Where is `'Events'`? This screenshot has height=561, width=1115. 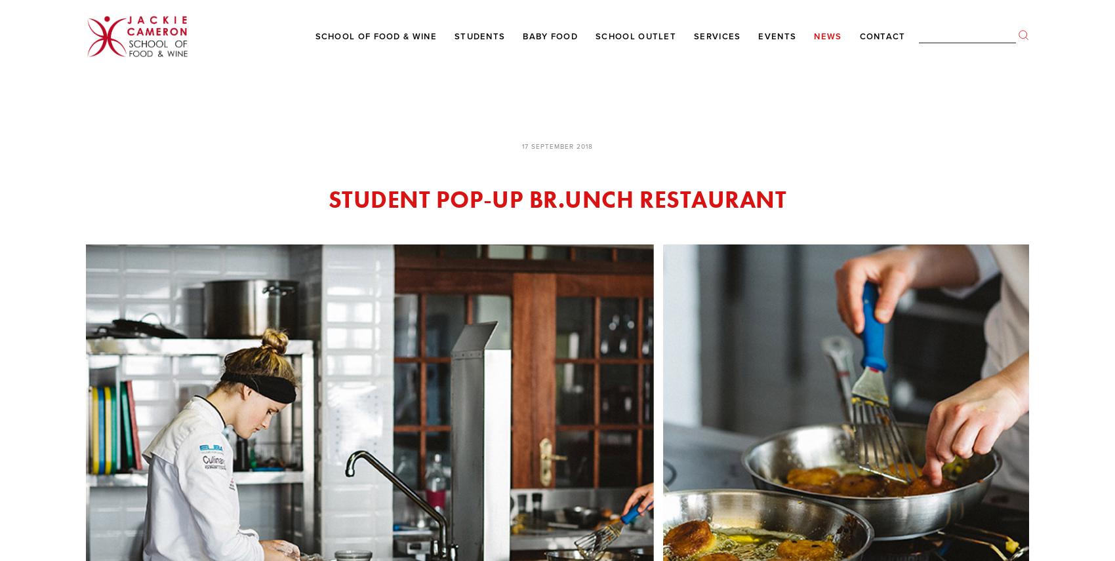
'Events' is located at coordinates (758, 35).